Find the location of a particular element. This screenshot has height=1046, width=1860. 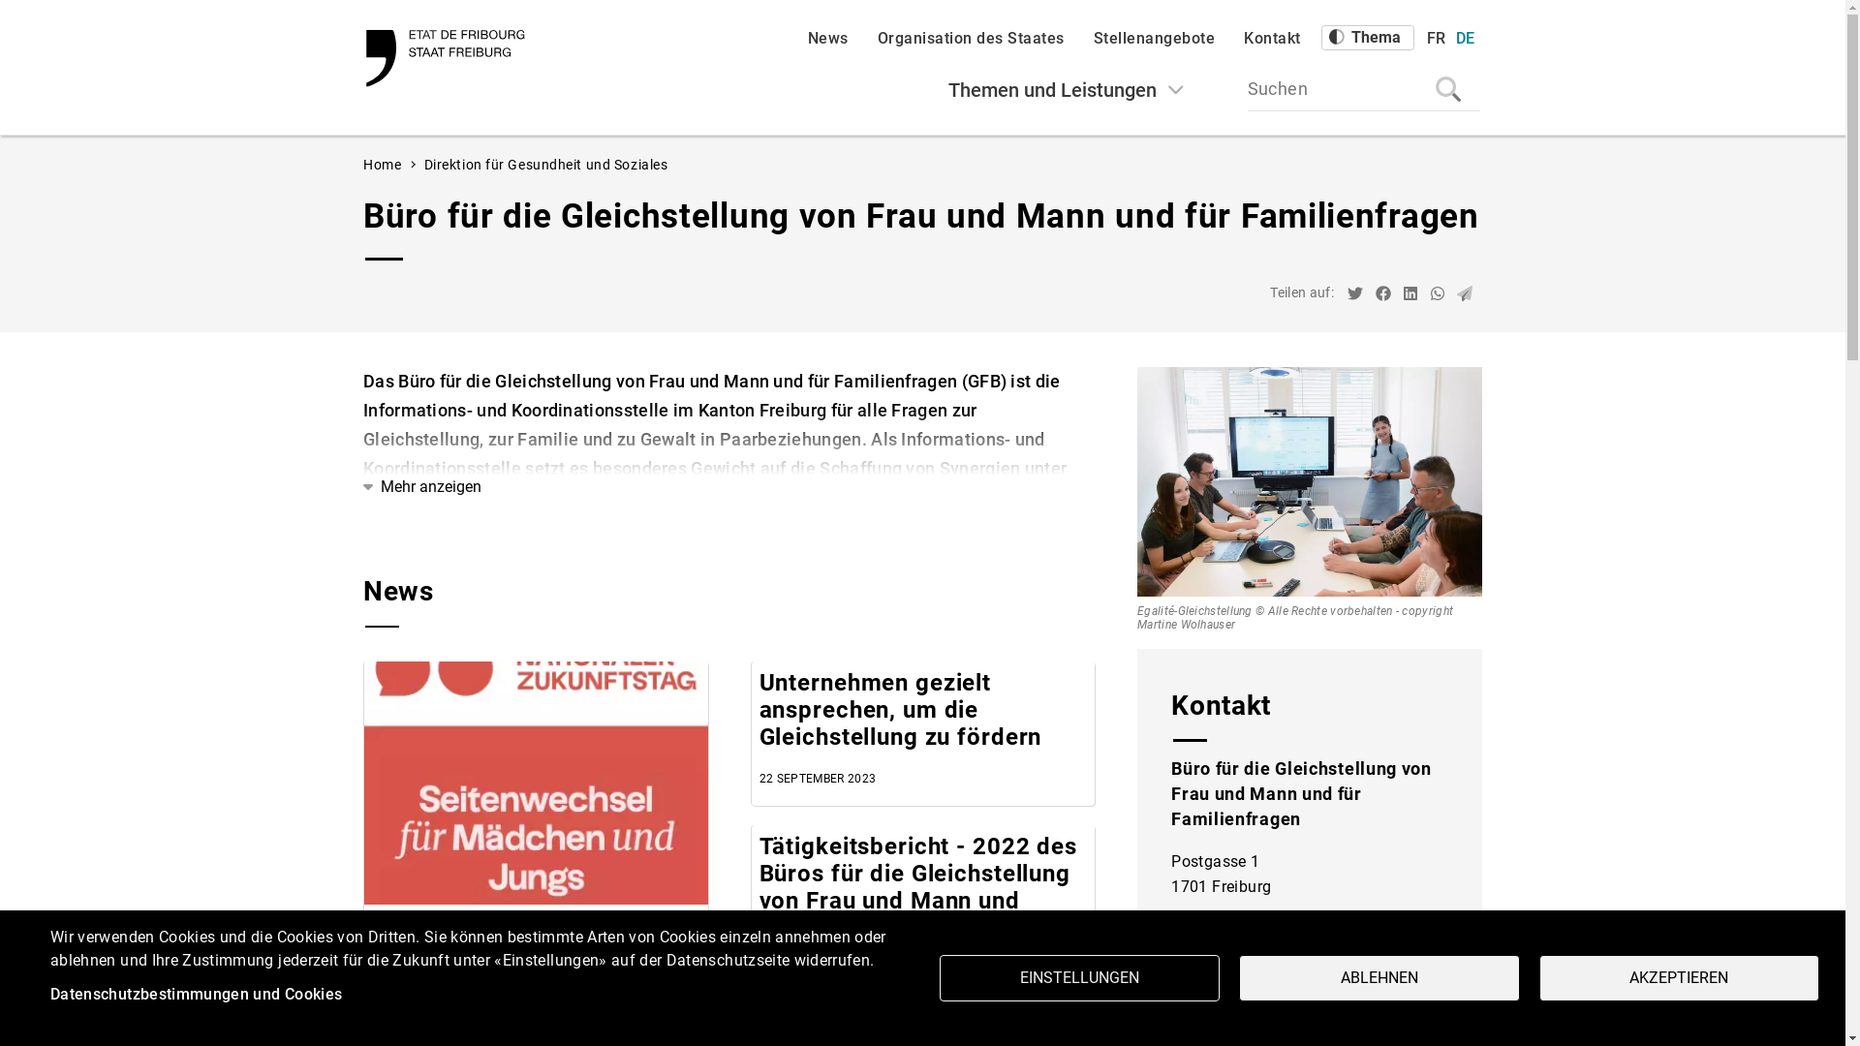

'Staat Freiburg' is located at coordinates (447, 57).